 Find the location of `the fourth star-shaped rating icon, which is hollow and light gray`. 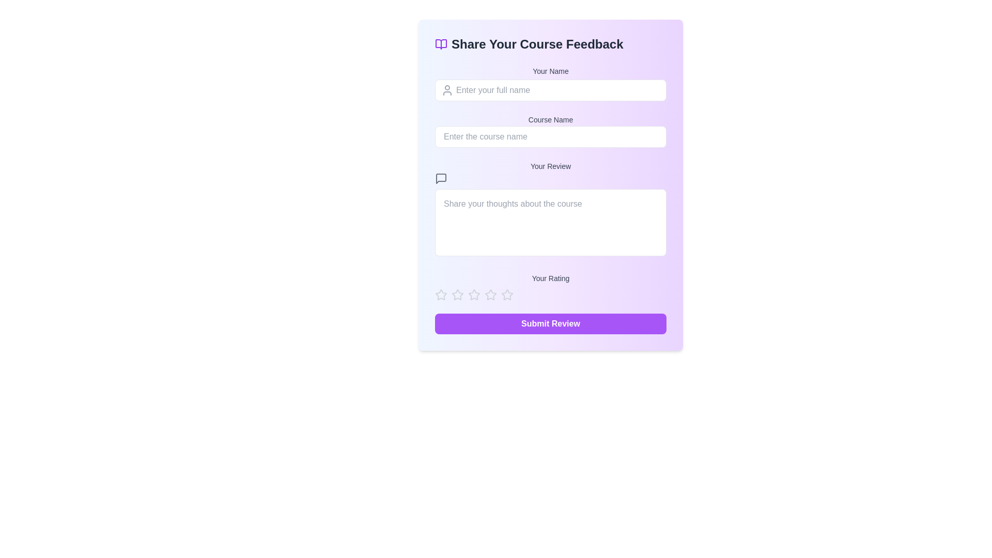

the fourth star-shaped rating icon, which is hollow and light gray is located at coordinates (507, 295).